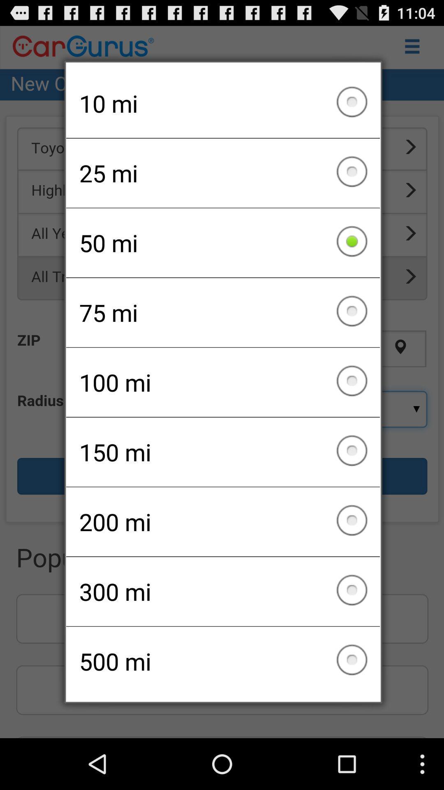 This screenshot has height=790, width=444. Describe the element at coordinates (223, 382) in the screenshot. I see `the icon below 75 mi` at that location.